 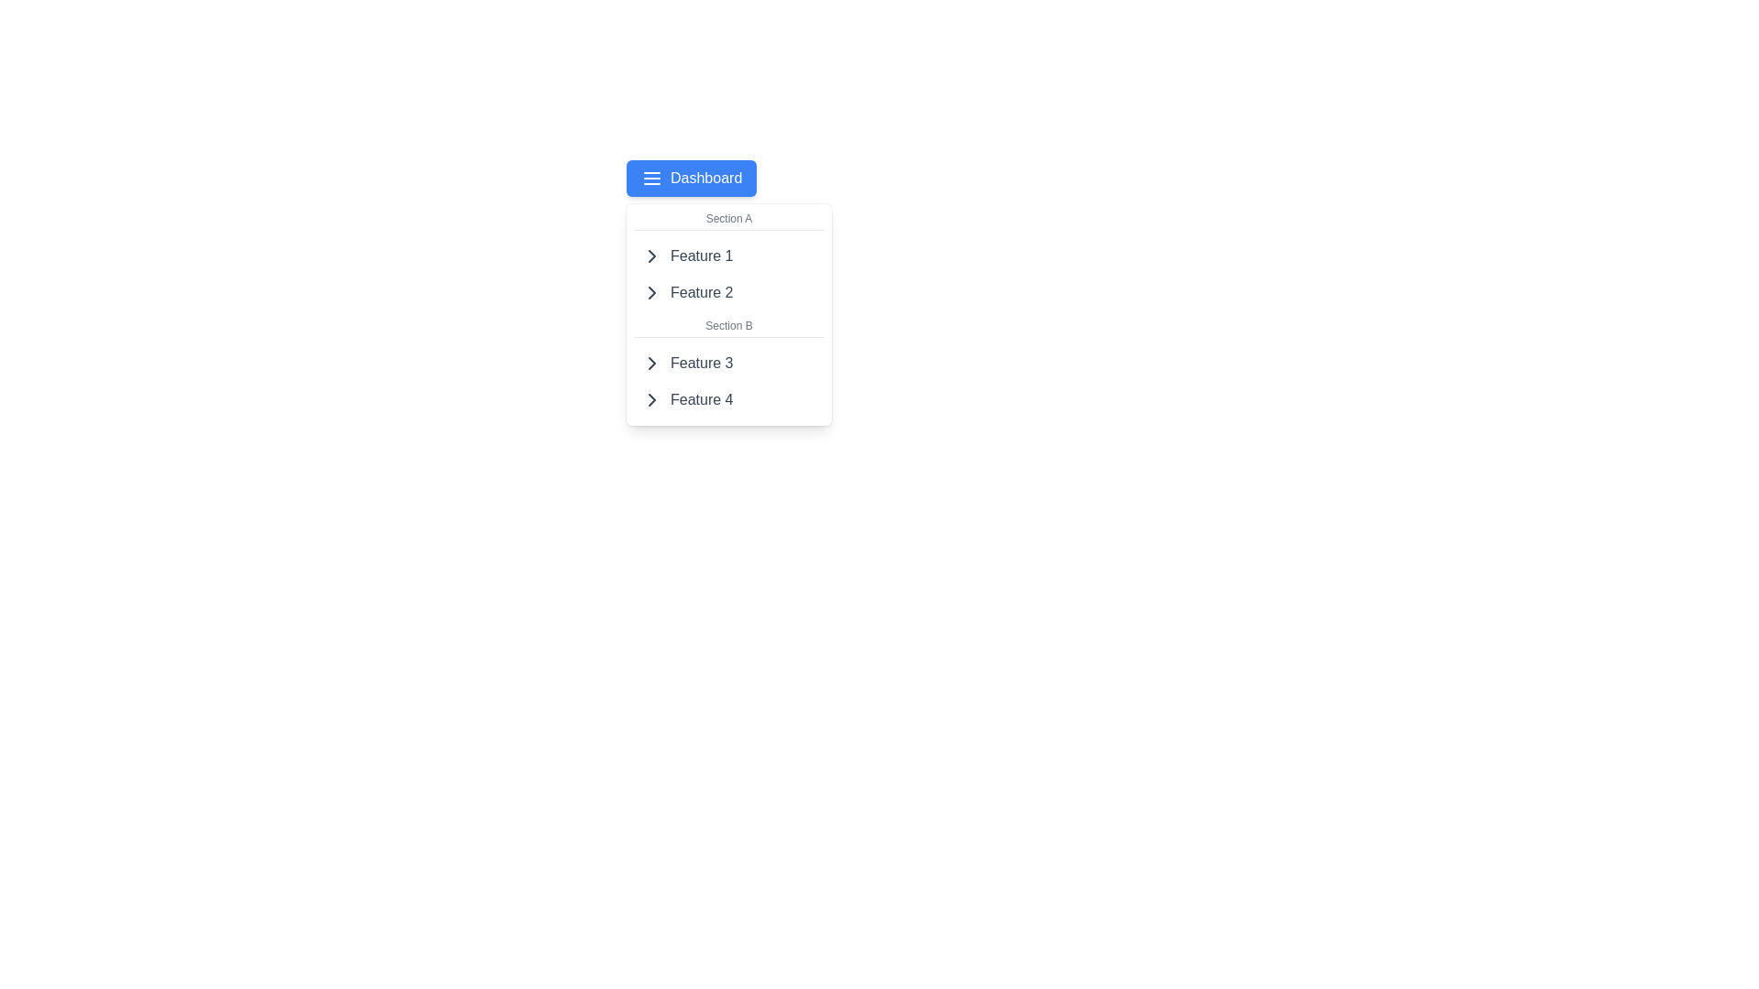 What do you see at coordinates (728, 218) in the screenshot?
I see `the Text label that serves as a section header for 'Section A', positioned above the horizontal divider and two list items labeled 'Feature 1' and 'Feature 2'` at bounding box center [728, 218].